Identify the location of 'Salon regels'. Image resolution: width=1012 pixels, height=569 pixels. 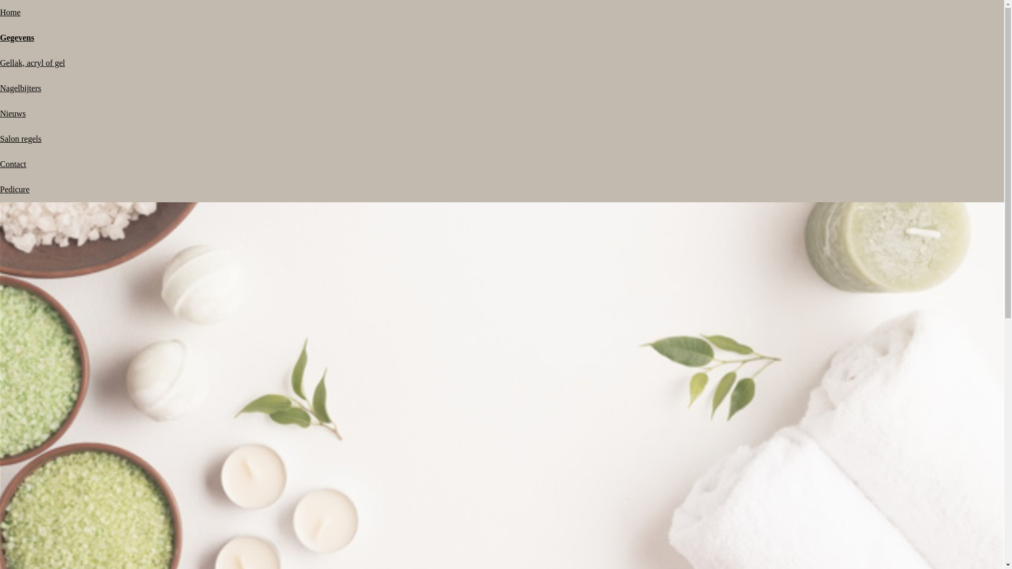
(21, 138).